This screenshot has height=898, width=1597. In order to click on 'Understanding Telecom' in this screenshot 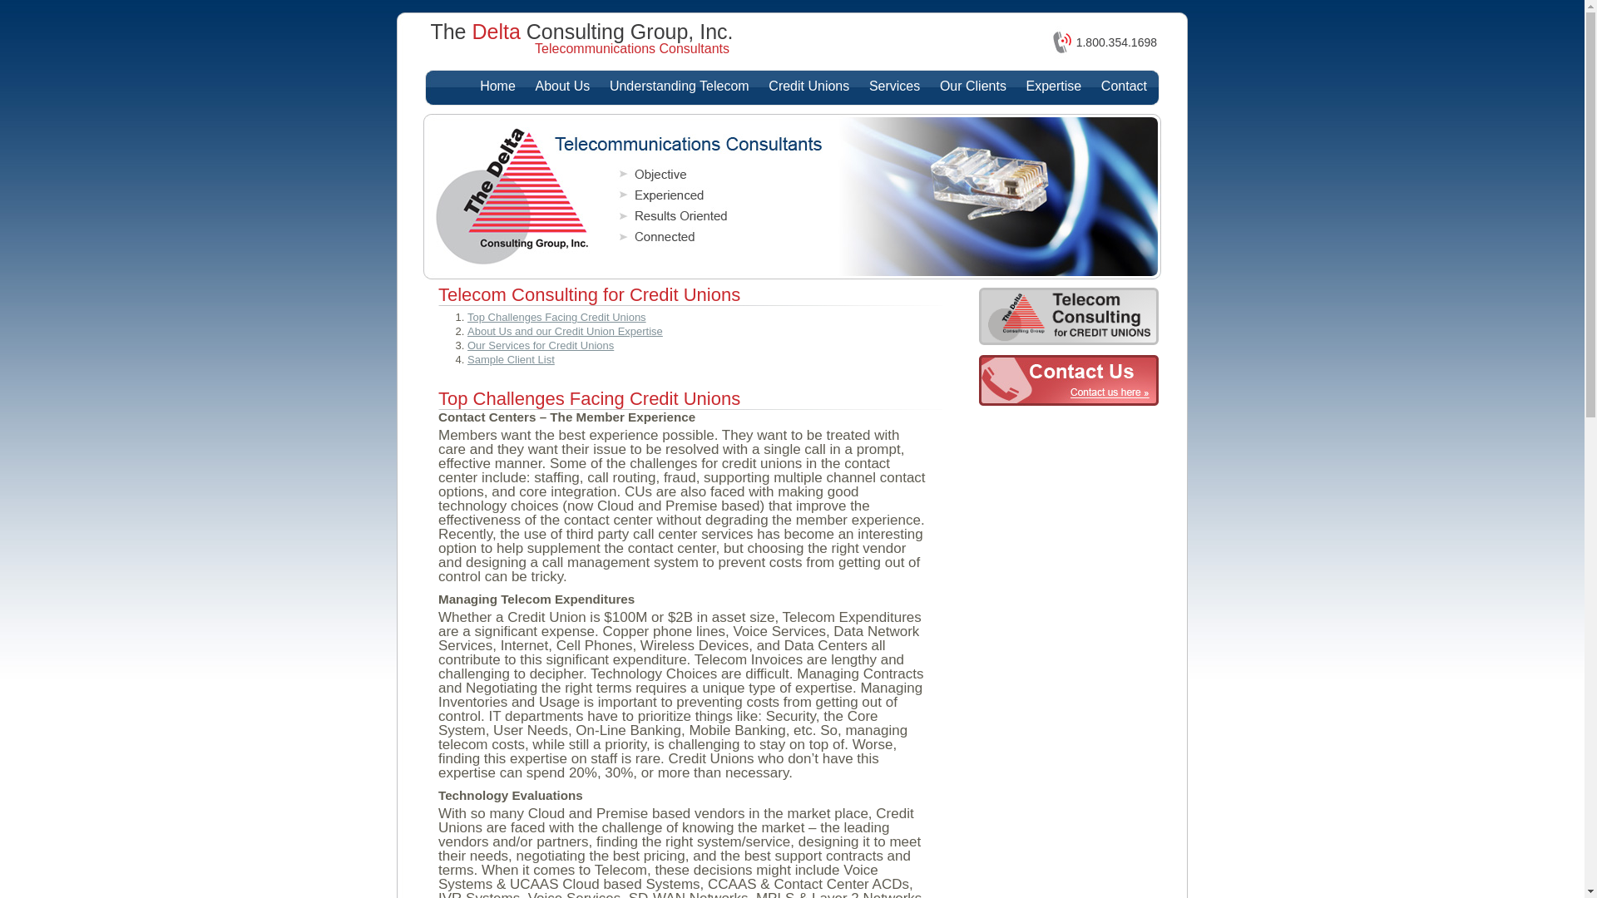, I will do `click(679, 86)`.